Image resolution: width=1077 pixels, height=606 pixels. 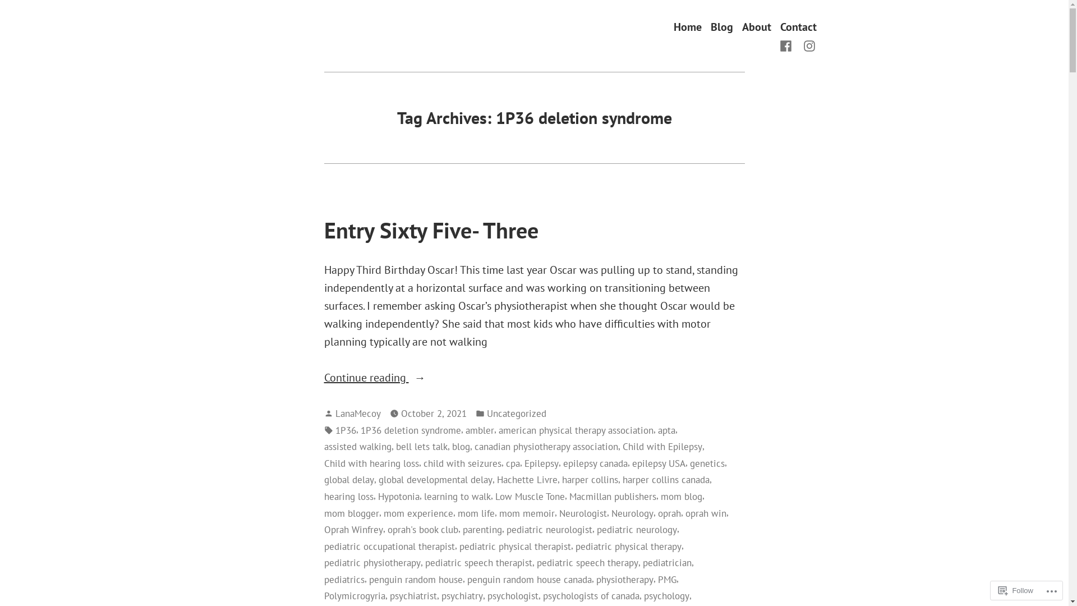 What do you see at coordinates (421, 446) in the screenshot?
I see `'bell lets talk'` at bounding box center [421, 446].